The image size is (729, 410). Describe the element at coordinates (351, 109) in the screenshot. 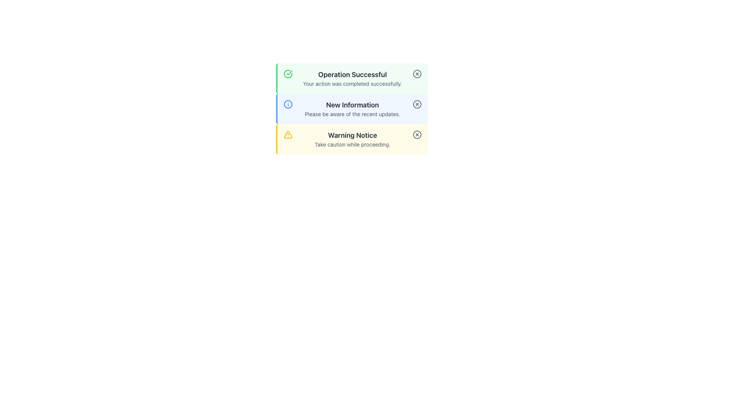

I see `information from the second informational notification box located between the green and yellow notifications` at that location.